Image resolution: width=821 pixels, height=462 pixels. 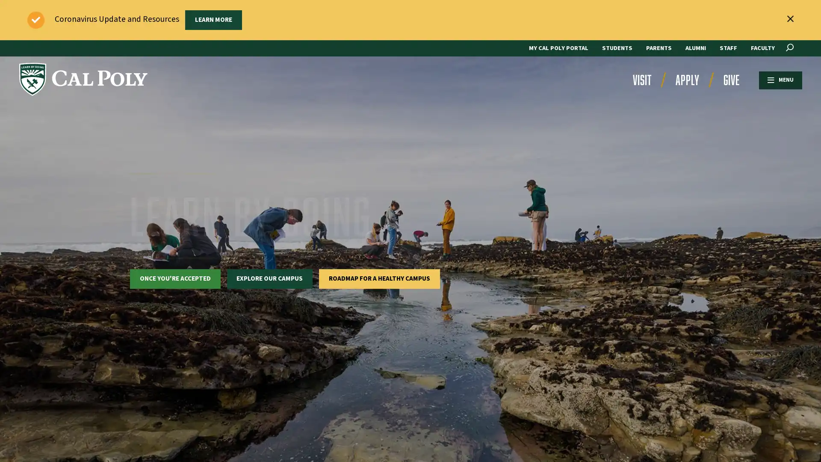 I want to click on Dismiss alert, so click(x=790, y=18).